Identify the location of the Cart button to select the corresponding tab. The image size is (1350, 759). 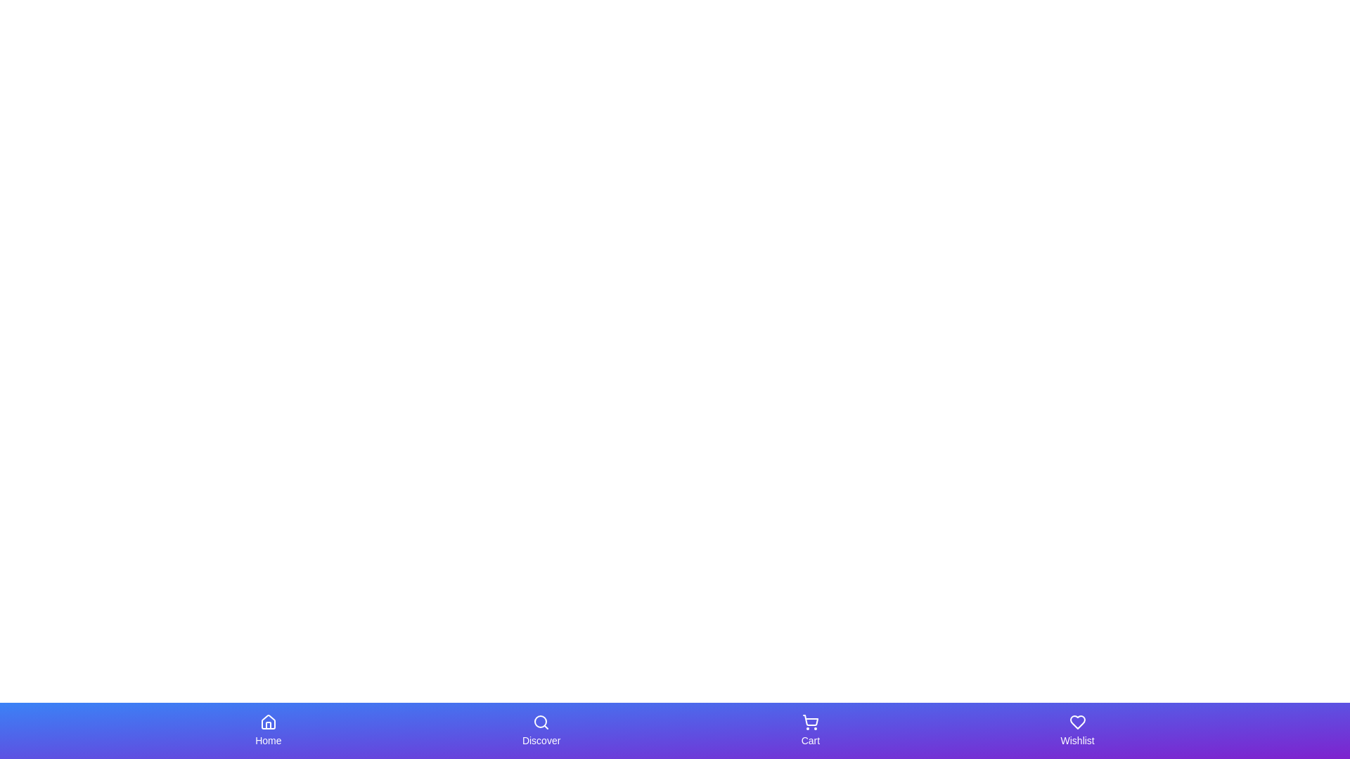
(810, 730).